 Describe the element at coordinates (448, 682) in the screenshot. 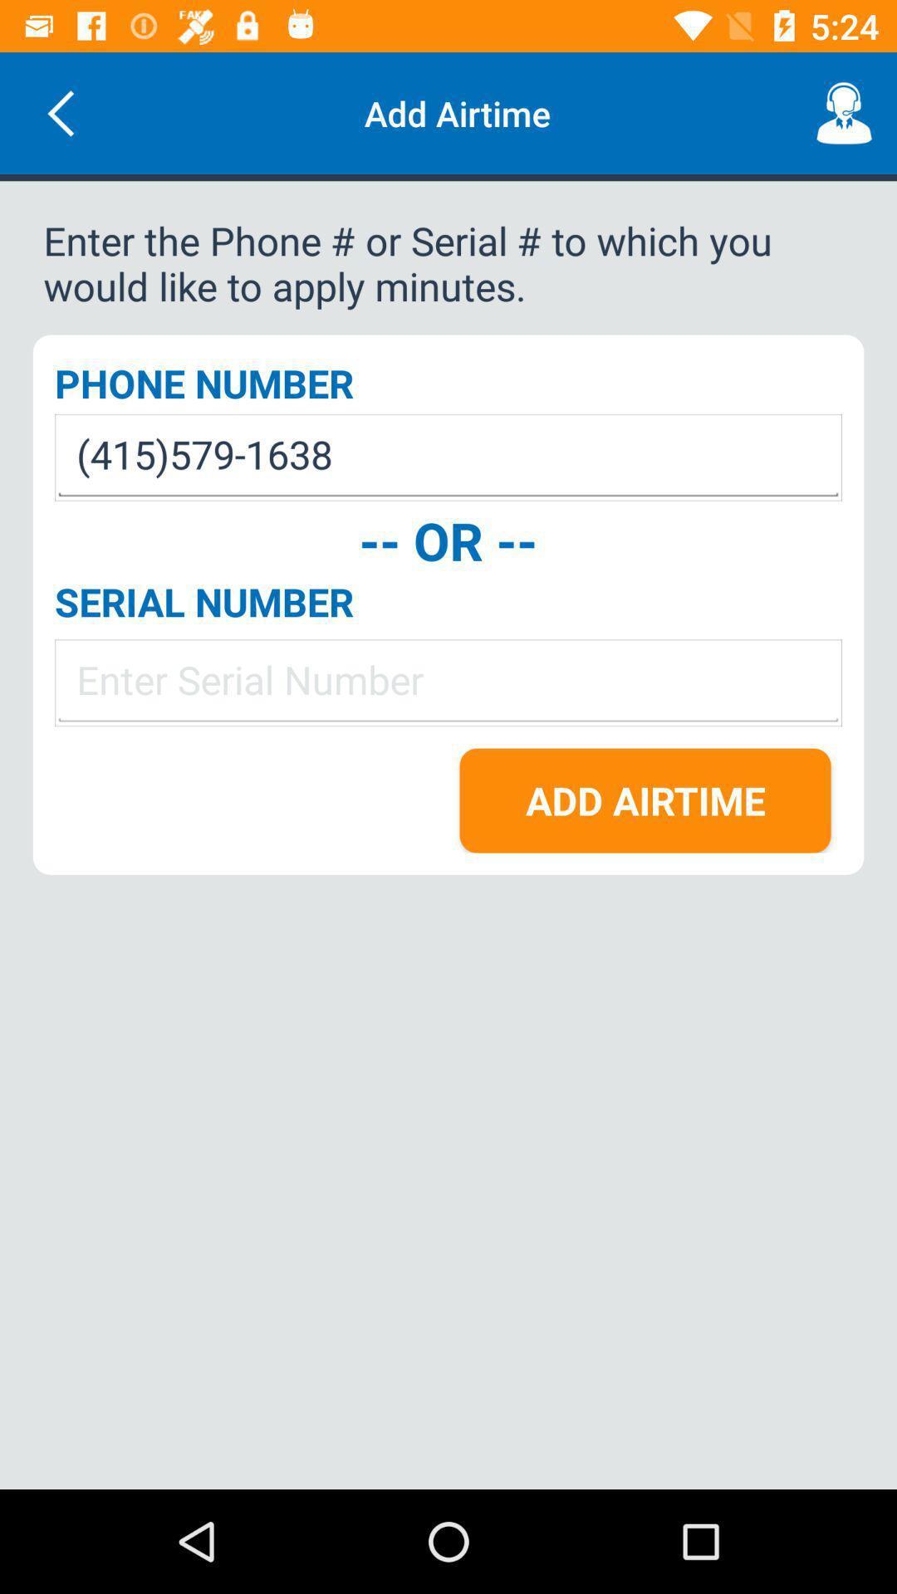

I see `the item above the add airtime icon` at that location.